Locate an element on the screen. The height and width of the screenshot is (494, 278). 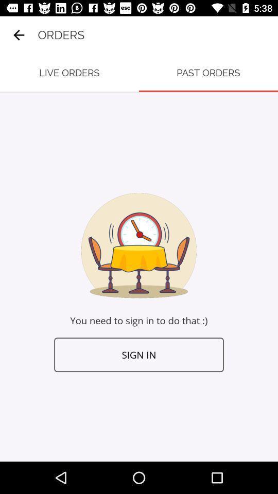
icon above the live orders is located at coordinates (19, 35).